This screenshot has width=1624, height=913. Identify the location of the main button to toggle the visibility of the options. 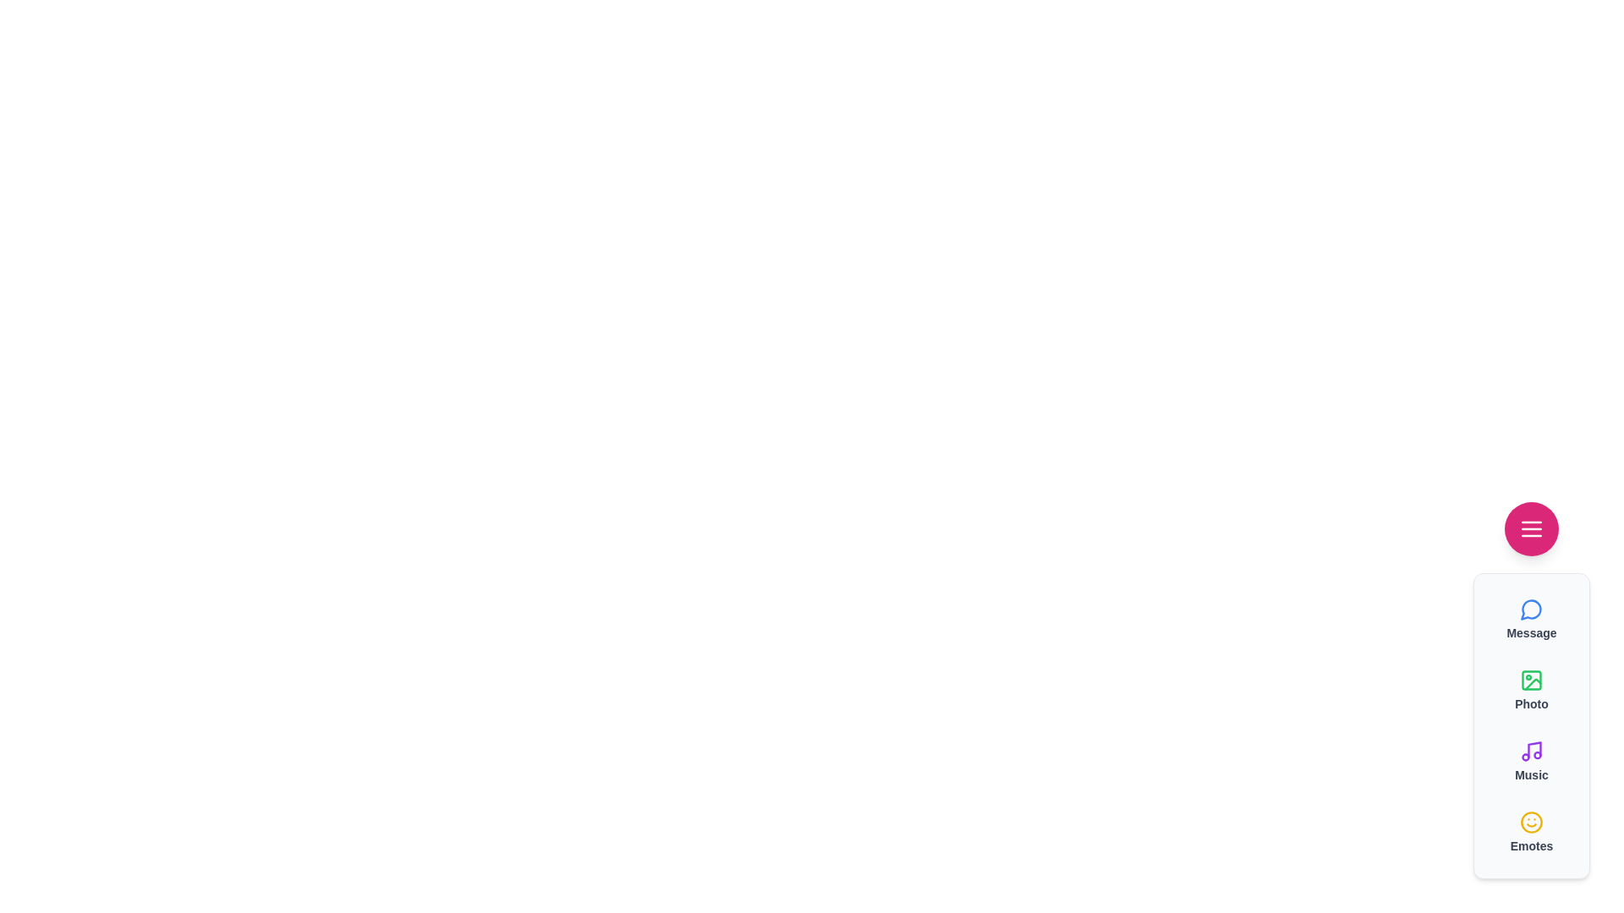
(1531, 528).